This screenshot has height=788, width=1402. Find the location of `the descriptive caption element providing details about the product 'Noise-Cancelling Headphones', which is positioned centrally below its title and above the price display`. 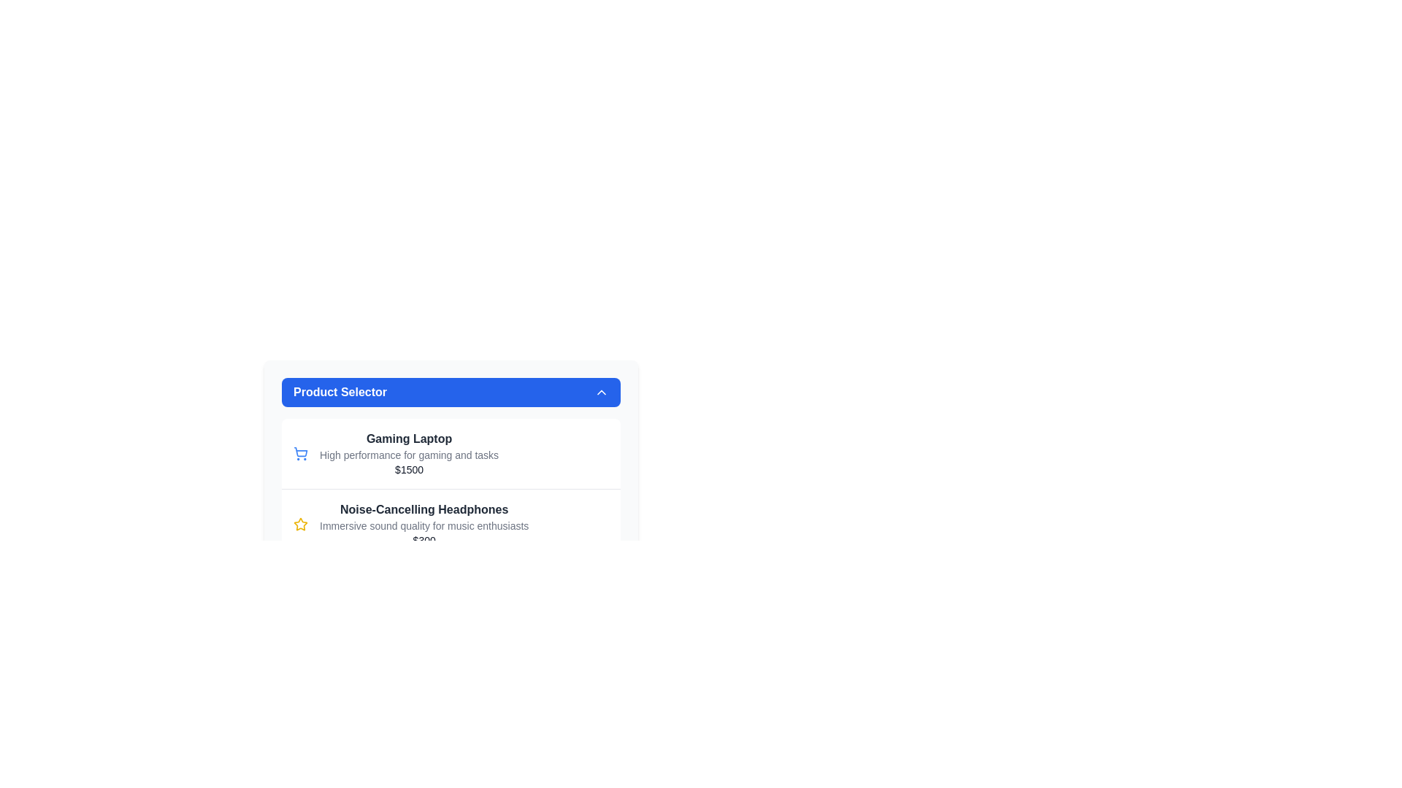

the descriptive caption element providing details about the product 'Noise-Cancelling Headphones', which is positioned centrally below its title and above the price display is located at coordinates (424, 526).